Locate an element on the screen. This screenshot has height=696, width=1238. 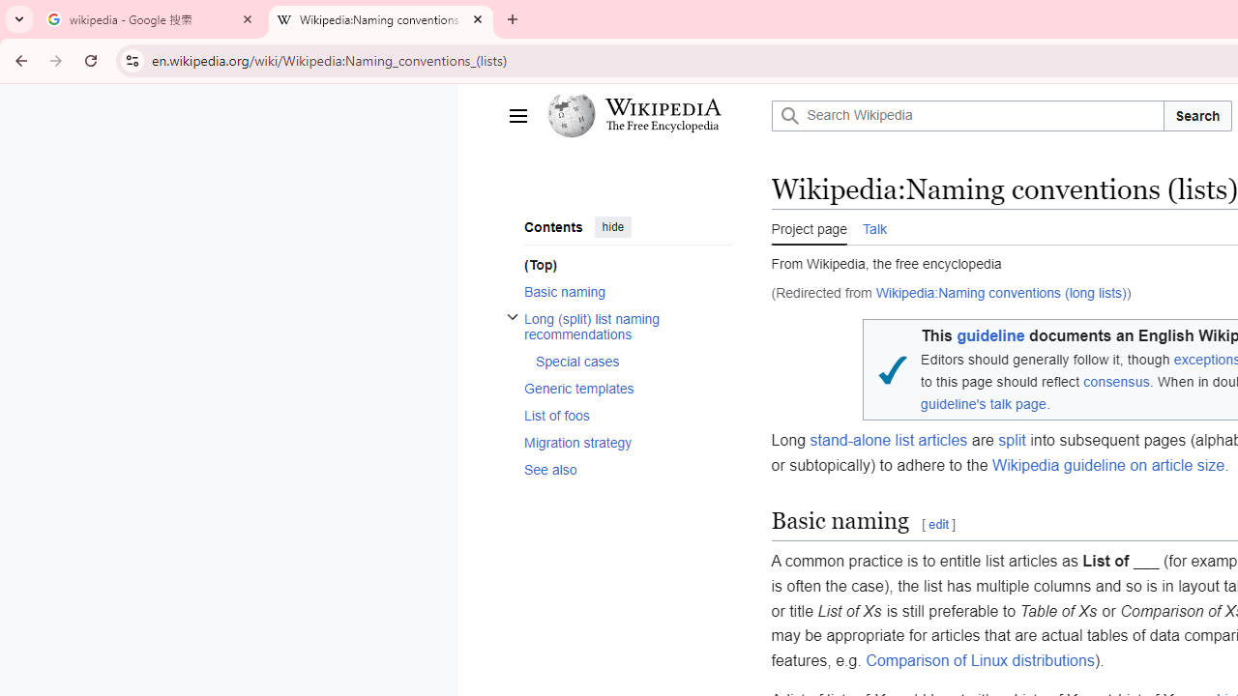
'Wikipedia The Free Encyclopedia' is located at coordinates (654, 115).